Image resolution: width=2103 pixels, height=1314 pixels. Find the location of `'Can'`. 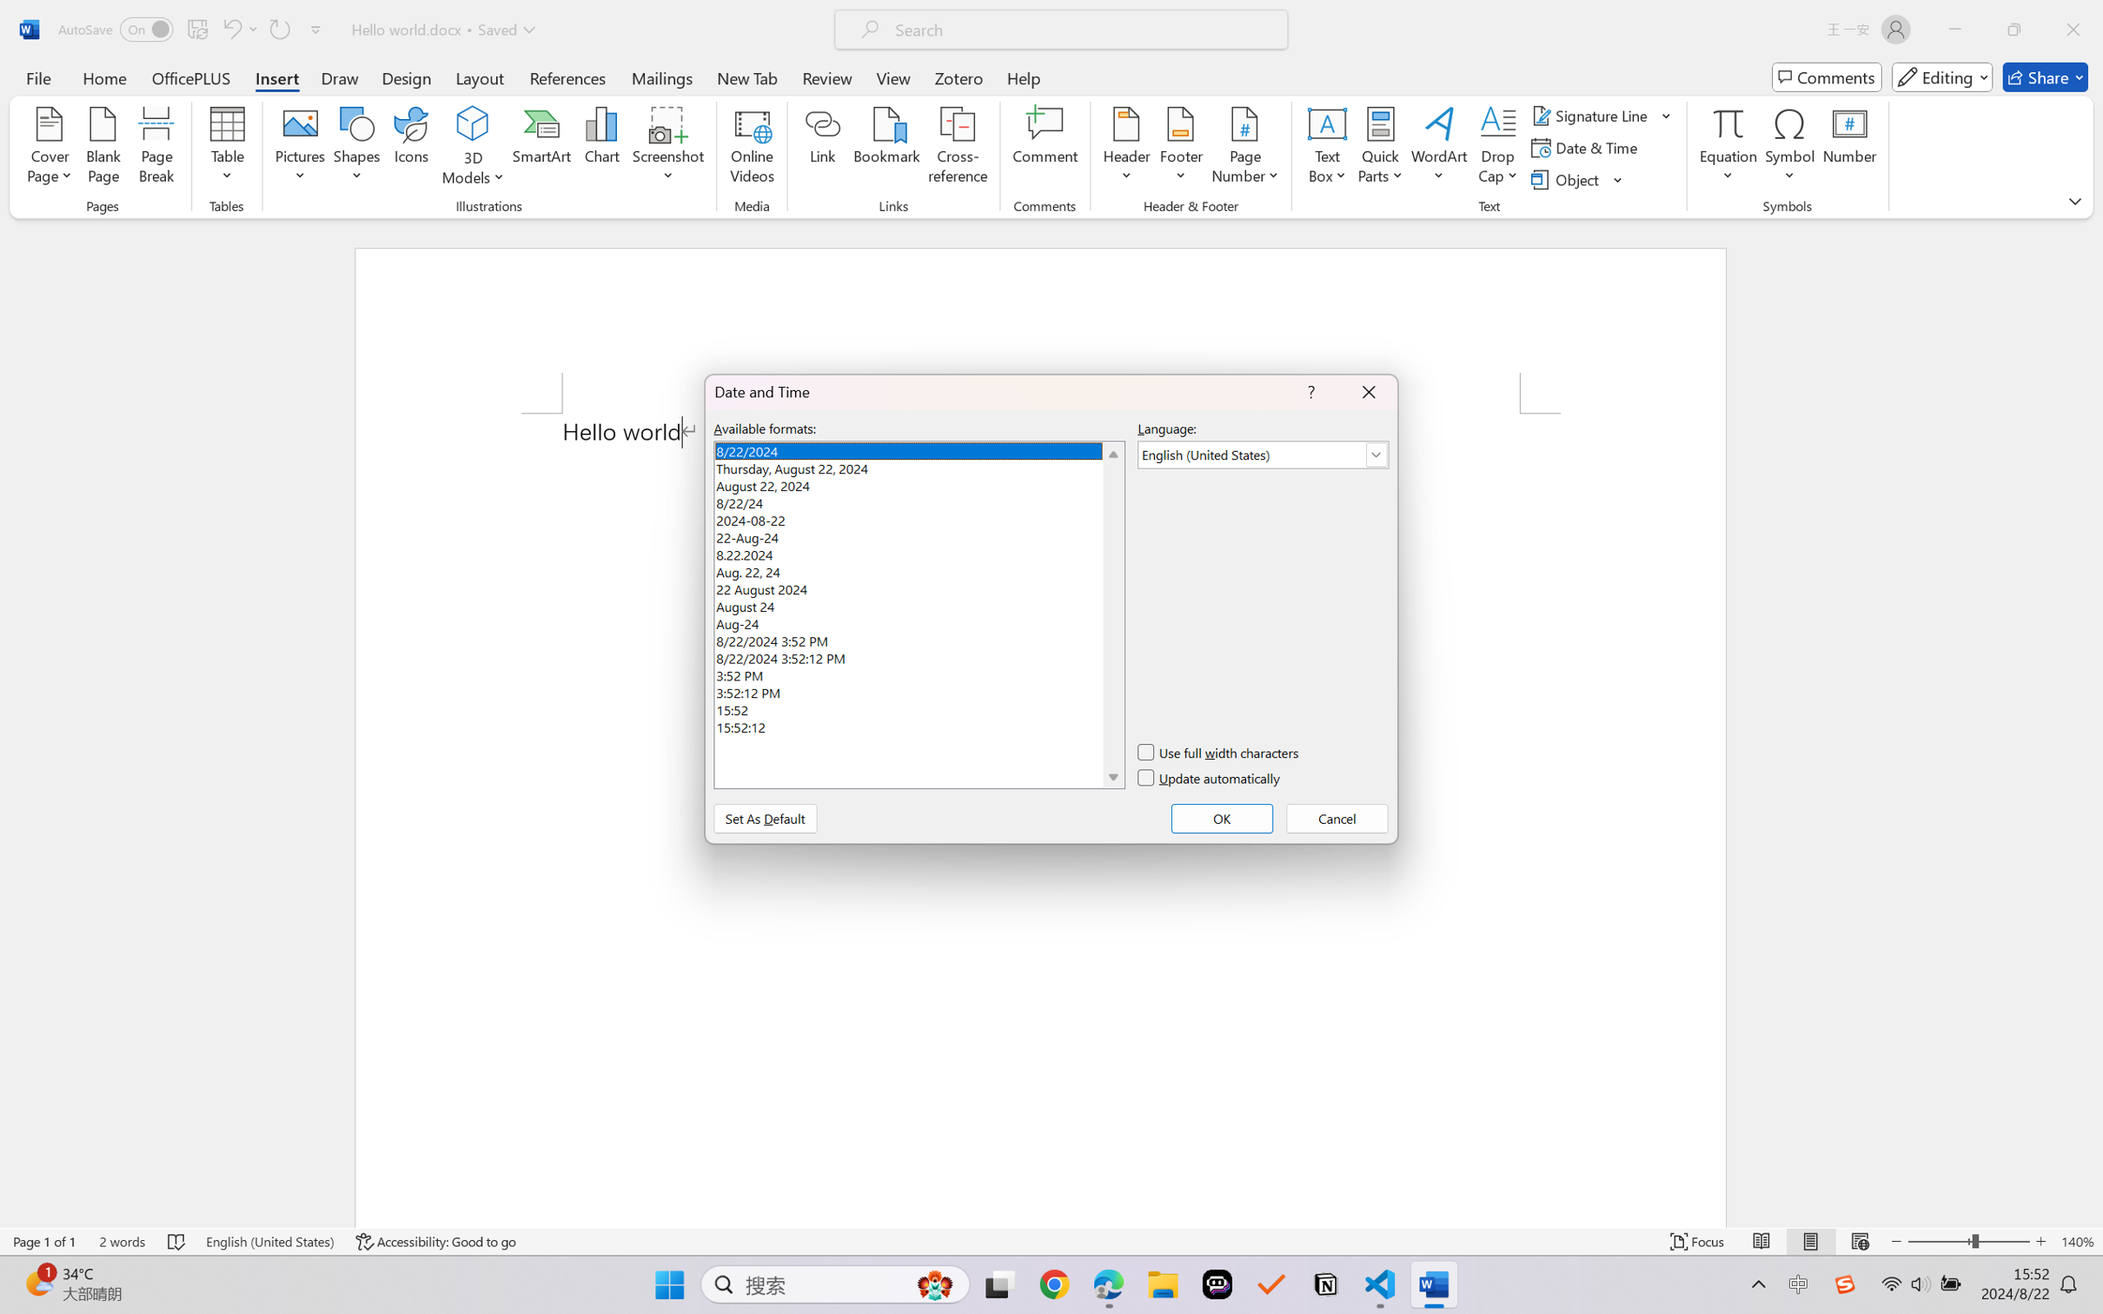

'Can' is located at coordinates (238, 29).